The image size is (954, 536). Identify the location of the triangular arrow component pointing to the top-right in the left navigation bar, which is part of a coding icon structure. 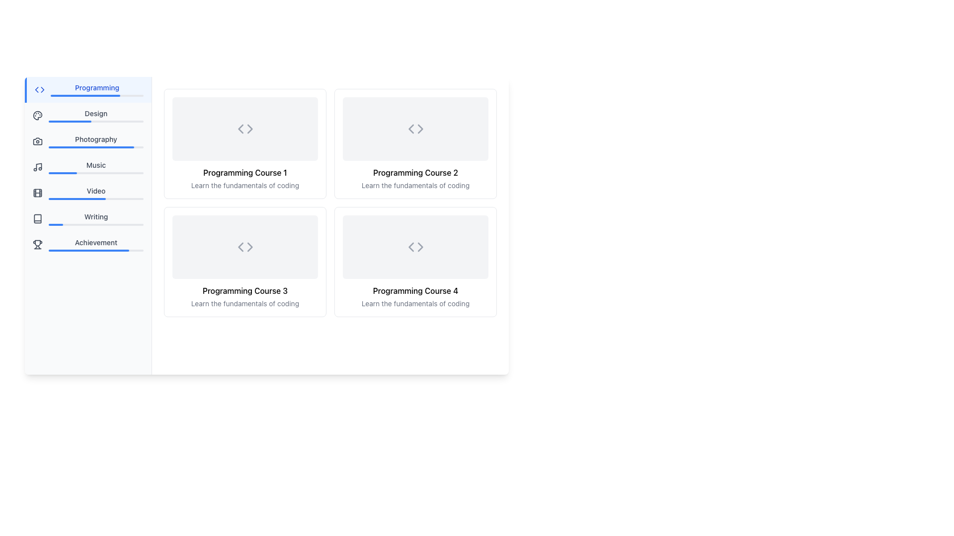
(42, 90).